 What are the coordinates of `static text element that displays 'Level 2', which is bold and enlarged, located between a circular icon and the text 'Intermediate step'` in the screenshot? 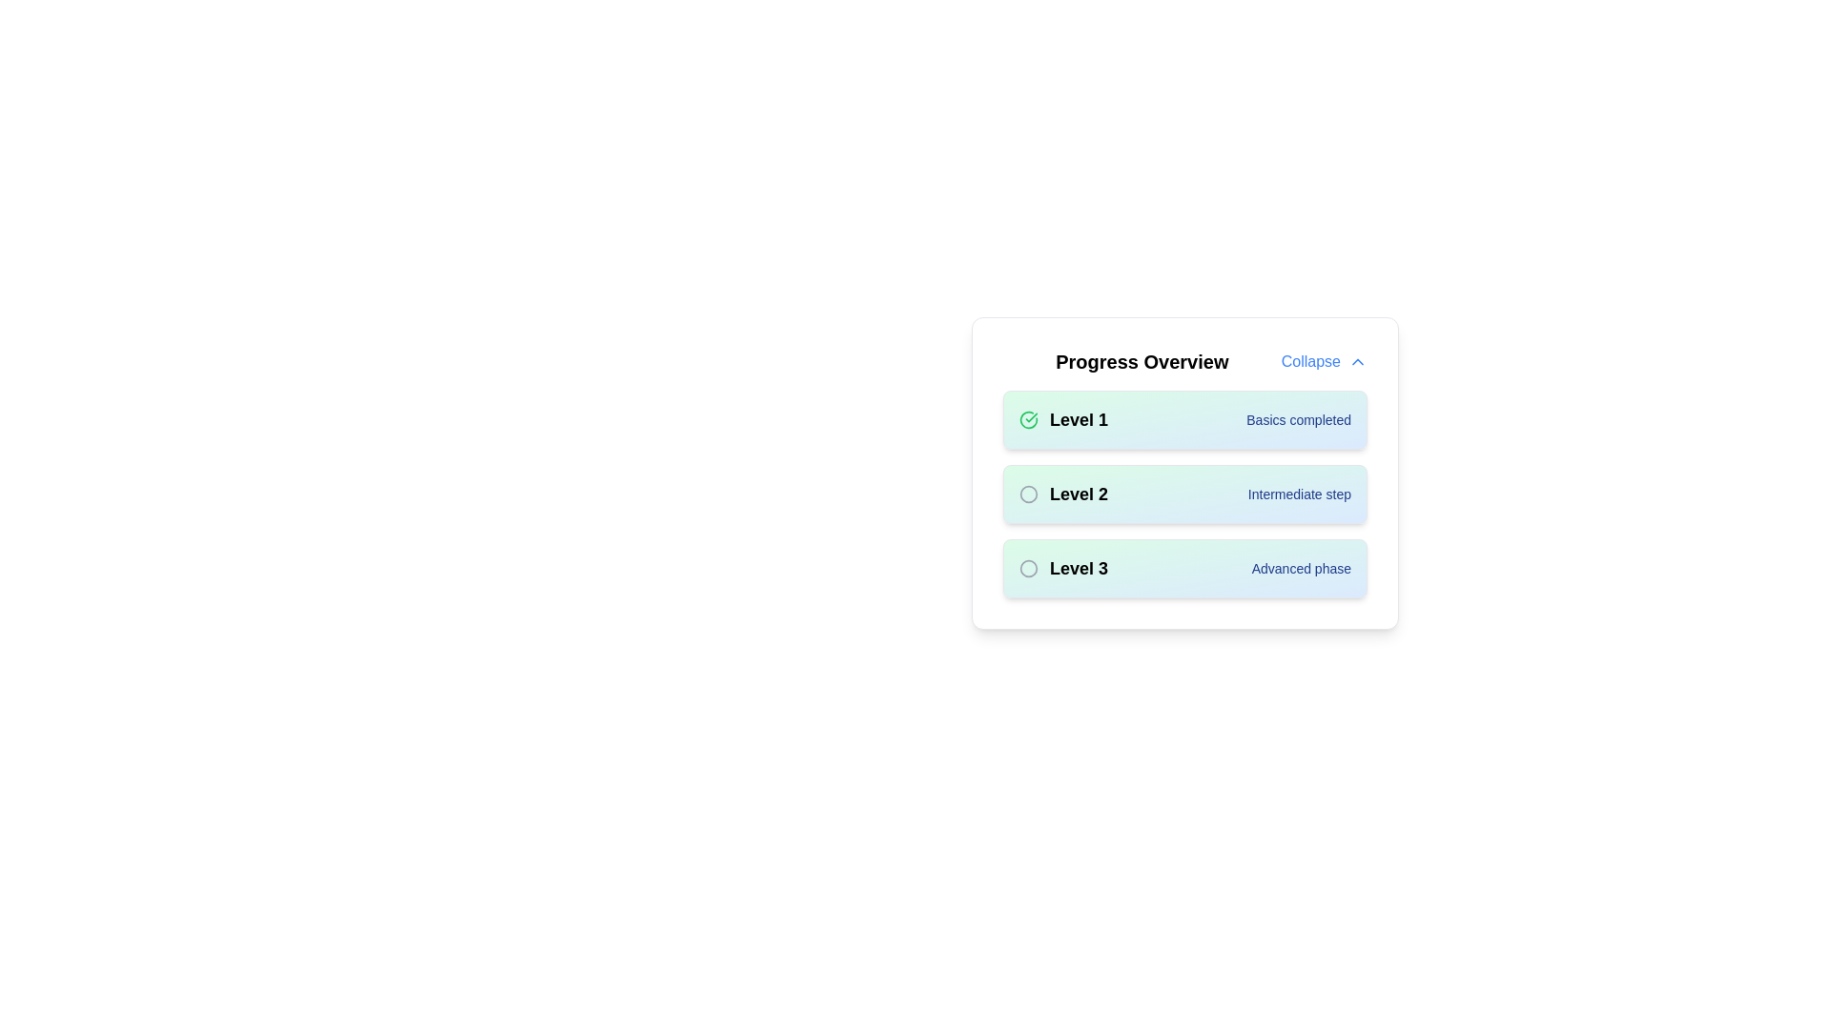 It's located at (1079, 494).